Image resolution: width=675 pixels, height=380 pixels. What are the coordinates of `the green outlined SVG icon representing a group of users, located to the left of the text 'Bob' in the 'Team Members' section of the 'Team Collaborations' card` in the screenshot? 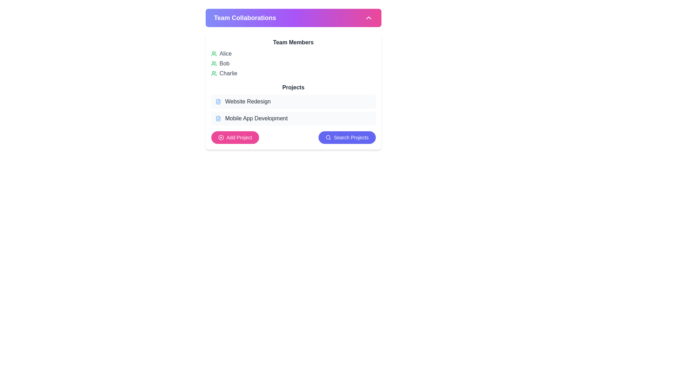 It's located at (213, 64).